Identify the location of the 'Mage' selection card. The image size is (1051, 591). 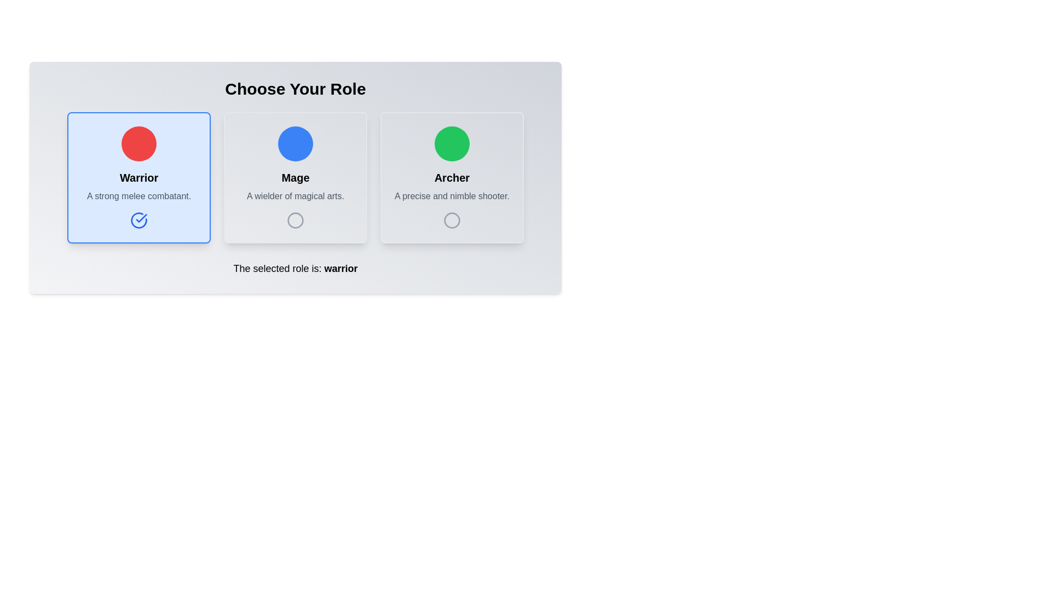
(295, 177).